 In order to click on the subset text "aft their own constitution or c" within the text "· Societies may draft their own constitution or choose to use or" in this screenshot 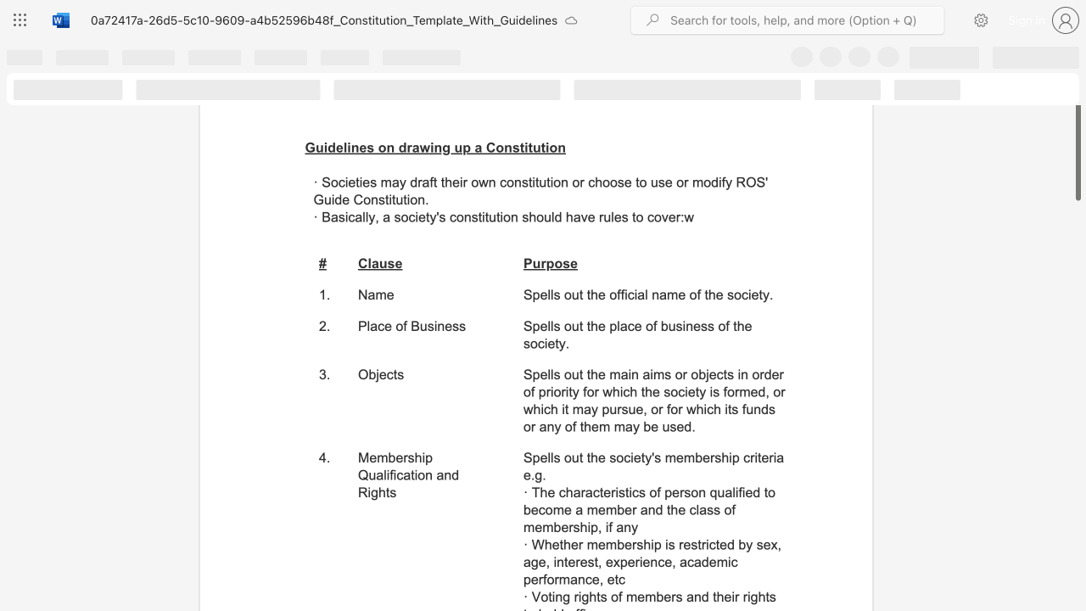, I will do `click(422, 182)`.